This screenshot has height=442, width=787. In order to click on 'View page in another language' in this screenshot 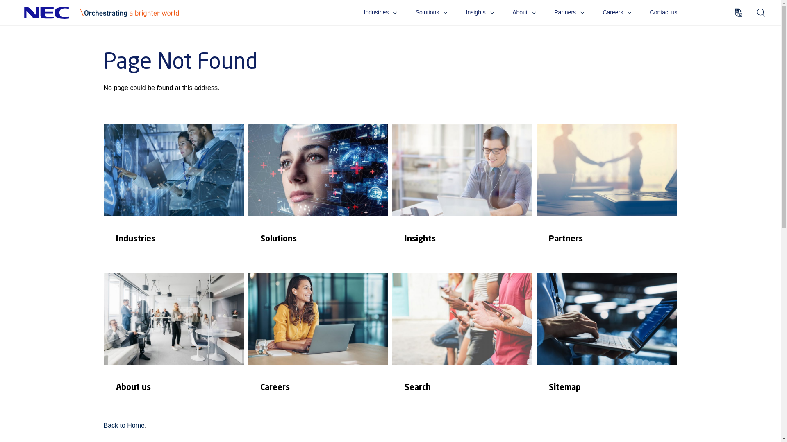, I will do `click(738, 12)`.